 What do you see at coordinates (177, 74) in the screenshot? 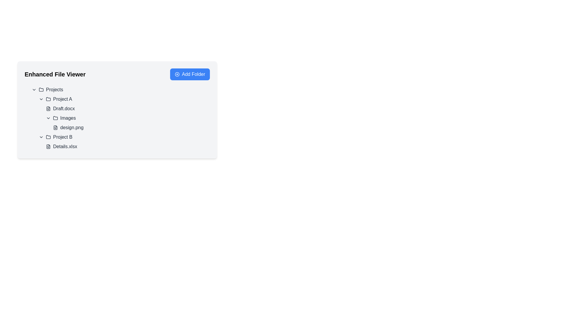
I see `the icon representing the action` at bounding box center [177, 74].